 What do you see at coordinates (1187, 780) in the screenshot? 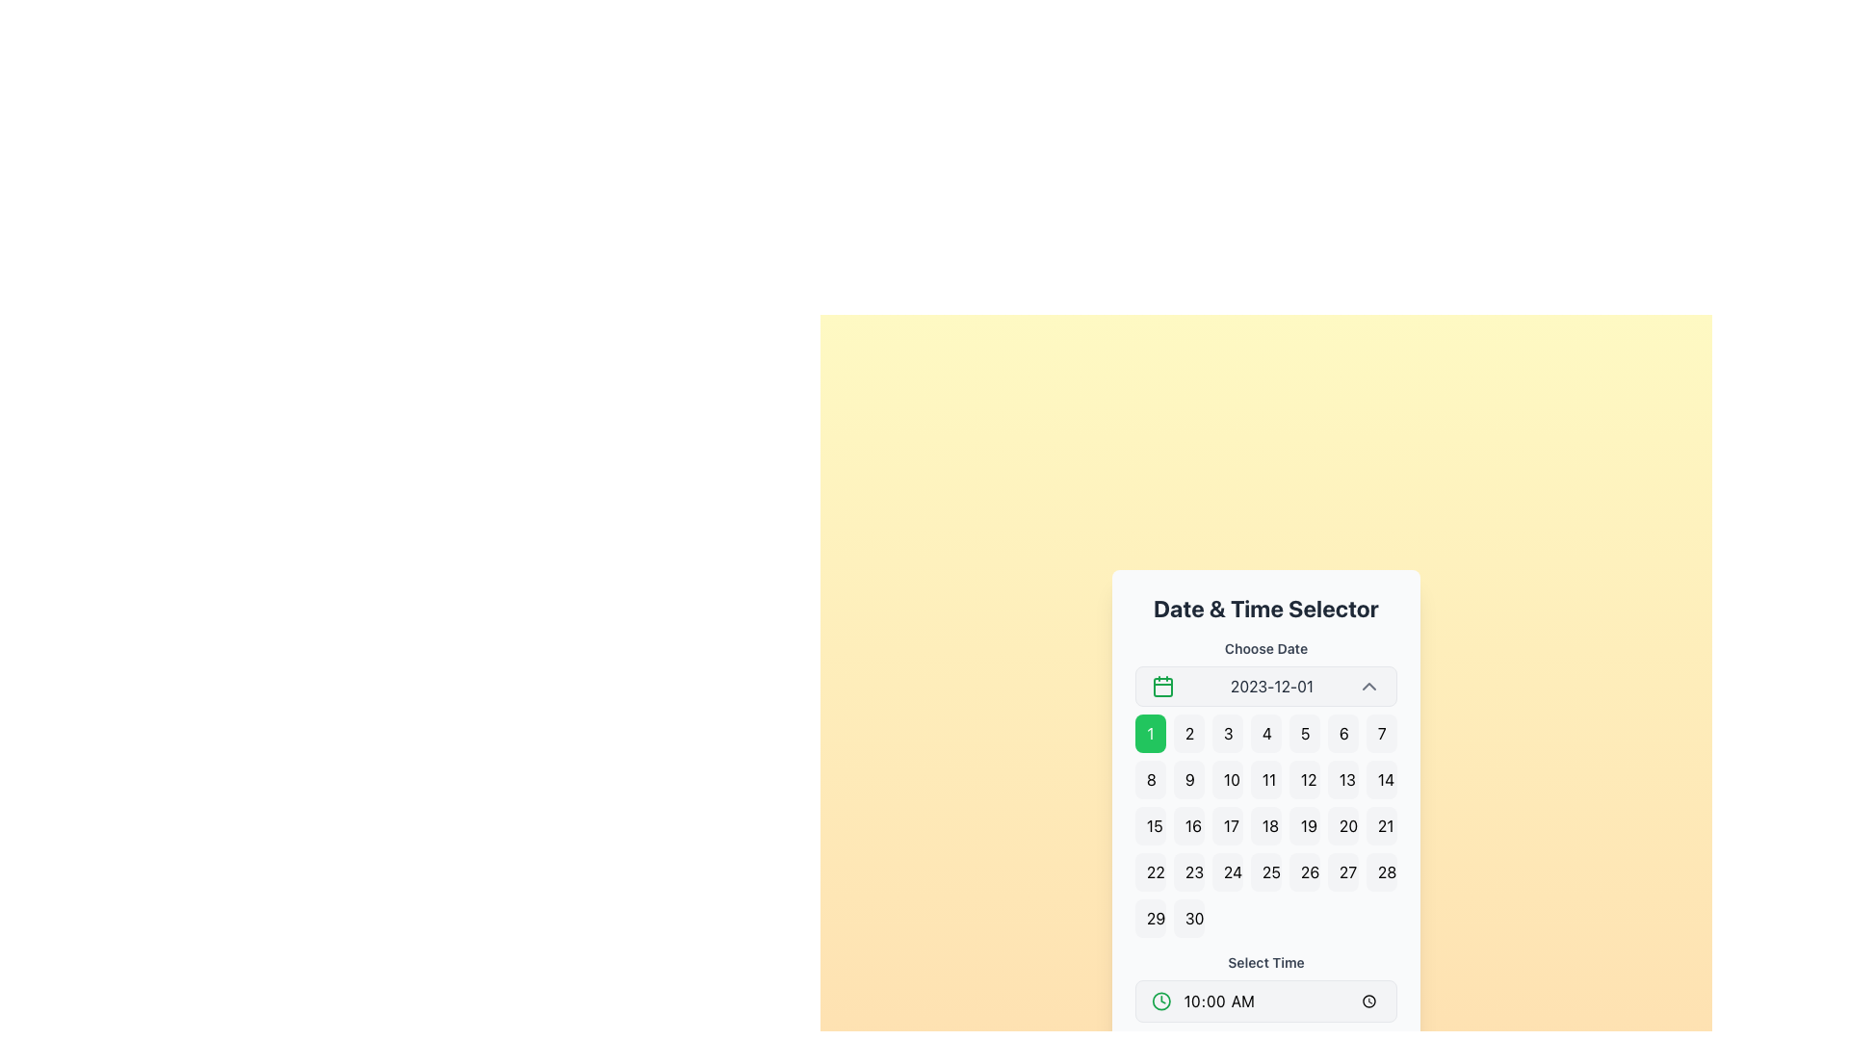
I see `the selectable date button in the date picker calendar, which is the ninth item on the second row of the grid layout` at bounding box center [1187, 780].